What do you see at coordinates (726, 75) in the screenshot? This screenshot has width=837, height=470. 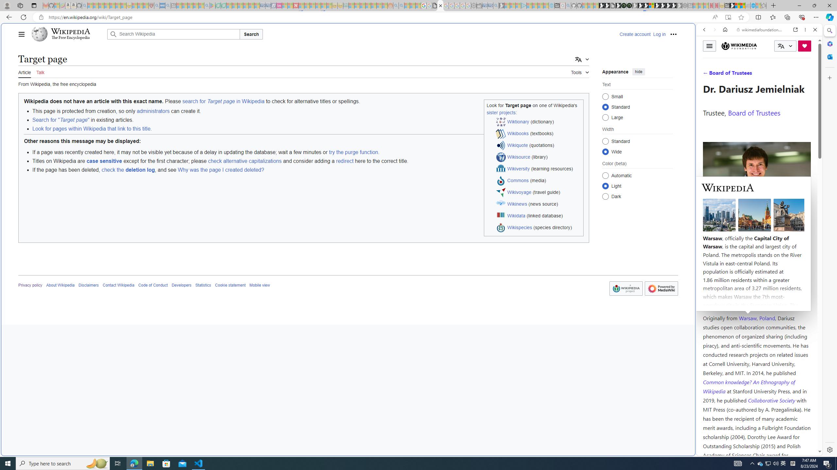 I see `'IMAGES'` at bounding box center [726, 75].